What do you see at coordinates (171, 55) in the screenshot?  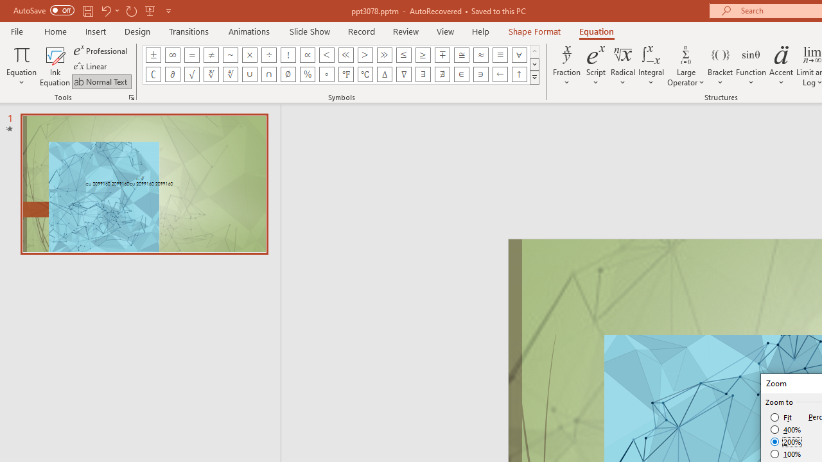 I see `'Equation Symbol Infinity'` at bounding box center [171, 55].